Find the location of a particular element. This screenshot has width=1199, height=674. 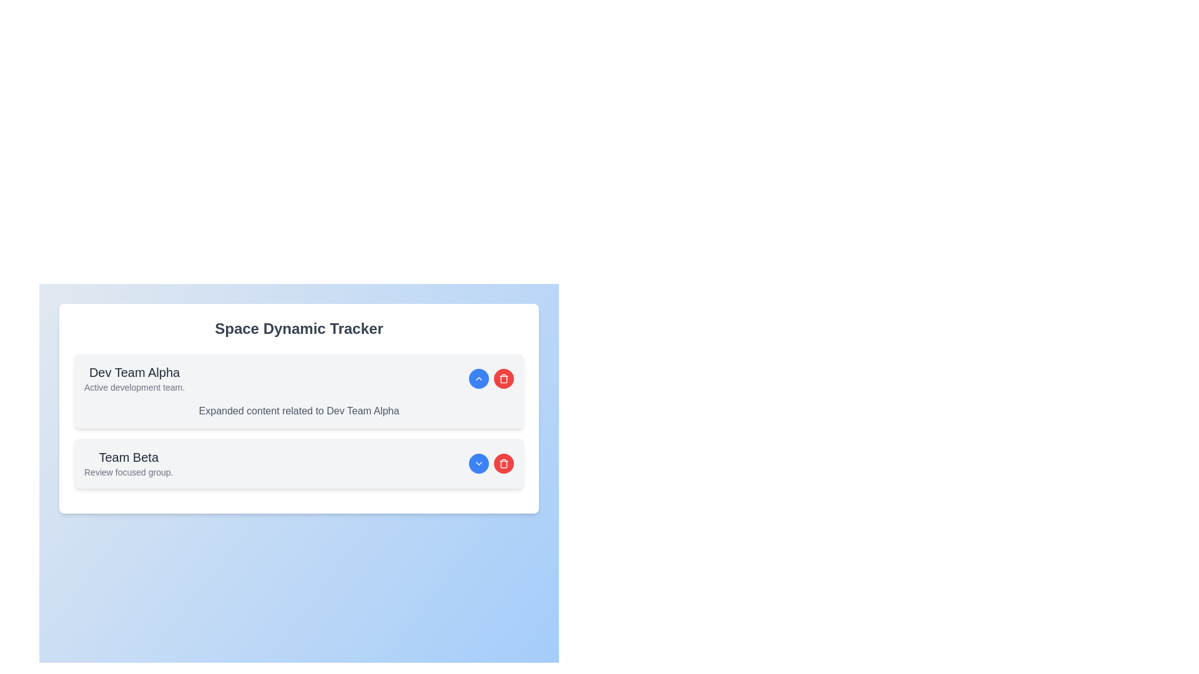

the leftmost button in the group of two buttons at the far right of the 'Dev Team Alpha' section is located at coordinates (478, 378).